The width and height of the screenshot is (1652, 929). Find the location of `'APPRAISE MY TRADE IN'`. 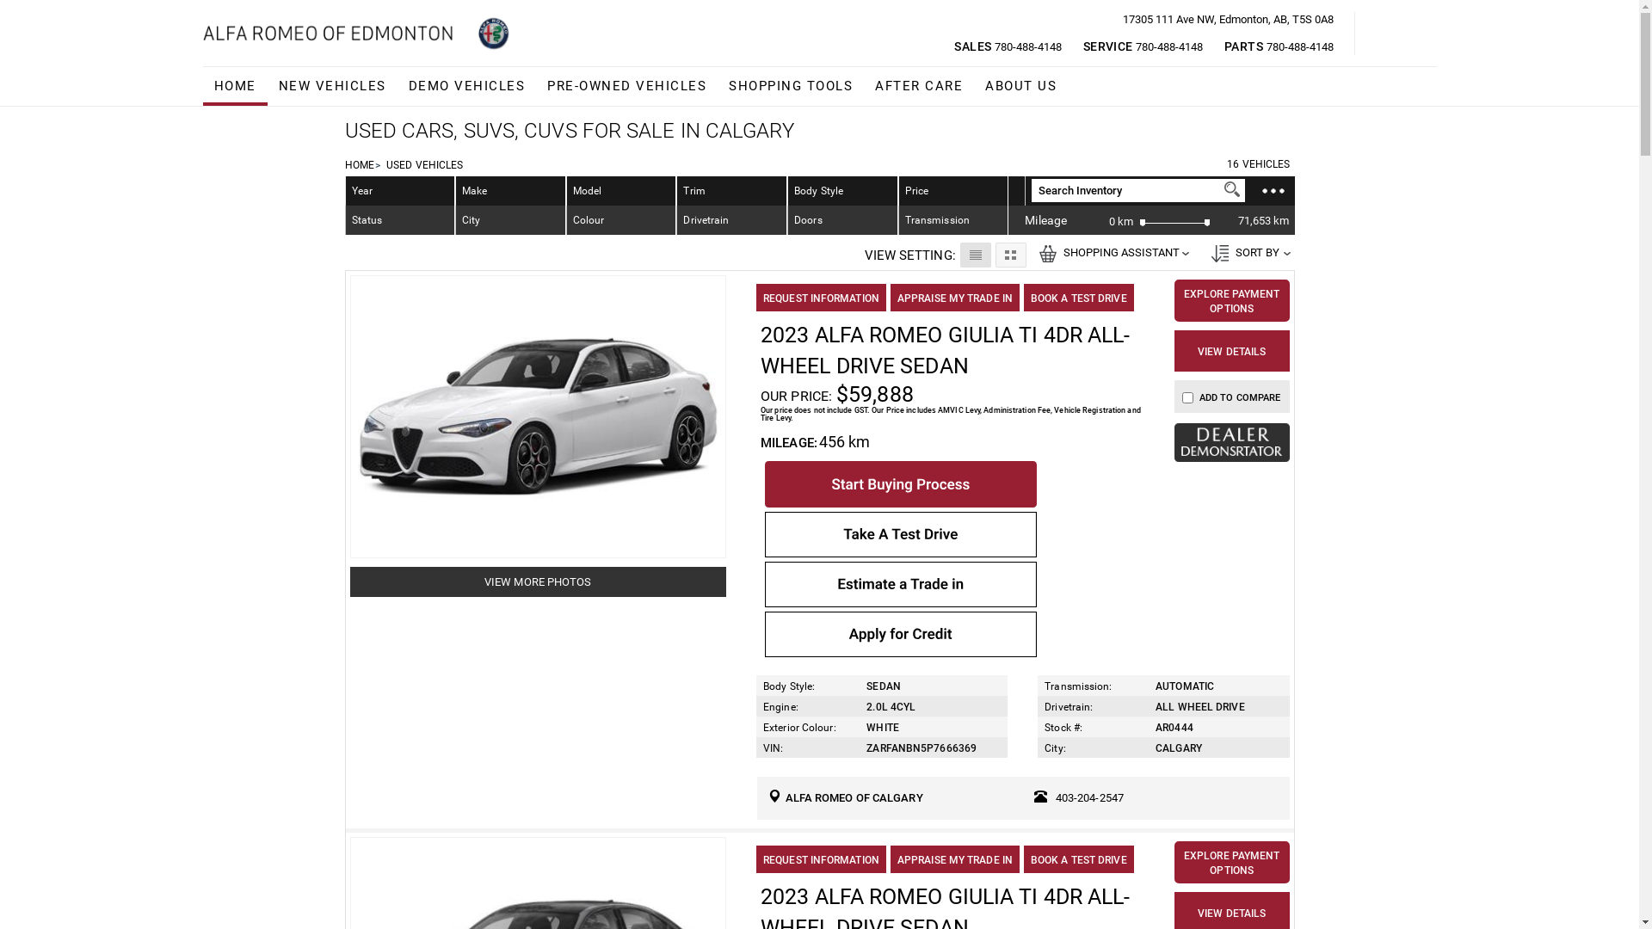

'APPRAISE MY TRADE IN' is located at coordinates (953, 297).